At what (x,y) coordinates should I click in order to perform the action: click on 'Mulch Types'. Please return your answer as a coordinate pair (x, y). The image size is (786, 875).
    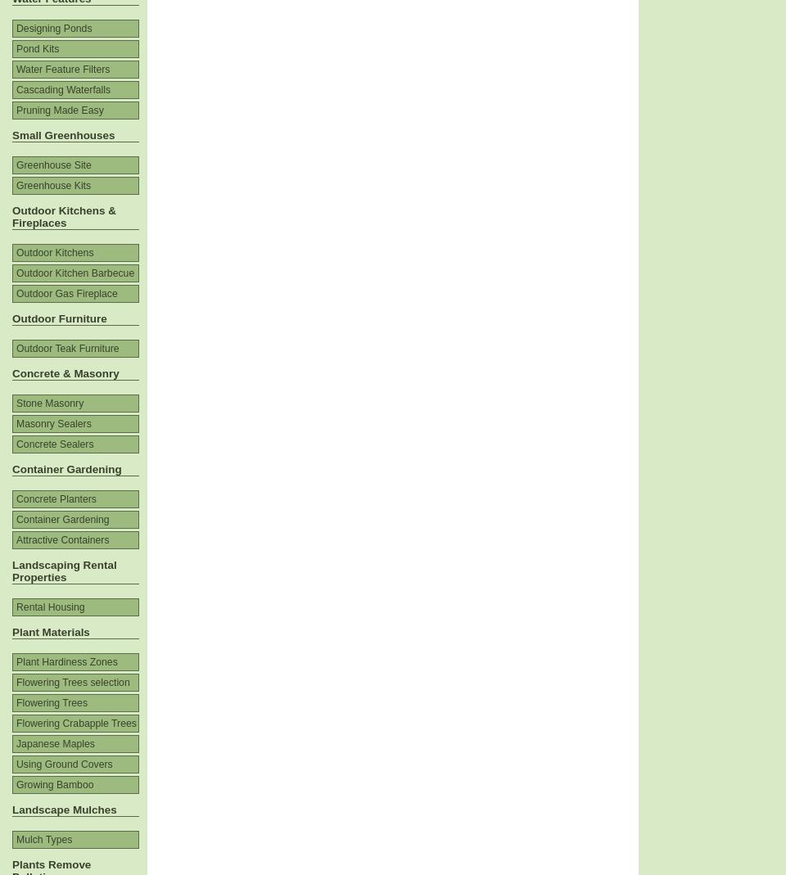
    Looking at the image, I should click on (15, 840).